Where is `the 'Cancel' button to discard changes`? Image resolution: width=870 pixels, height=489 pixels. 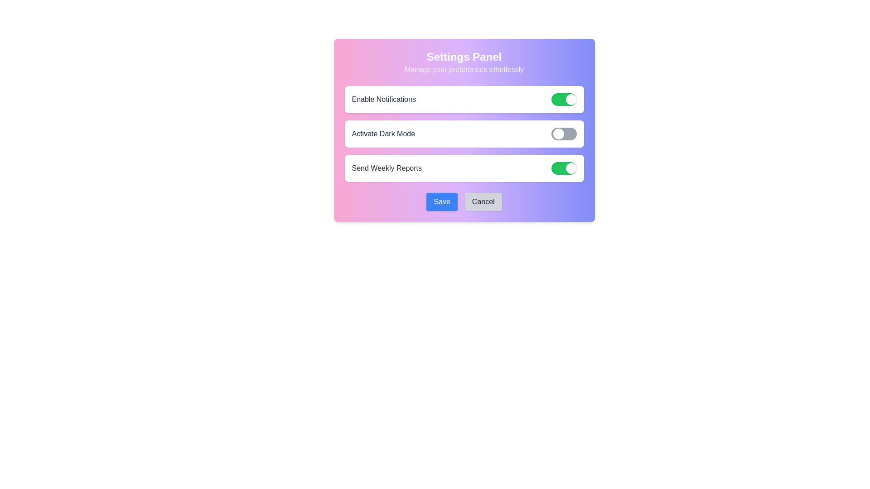
the 'Cancel' button to discard changes is located at coordinates (482, 201).